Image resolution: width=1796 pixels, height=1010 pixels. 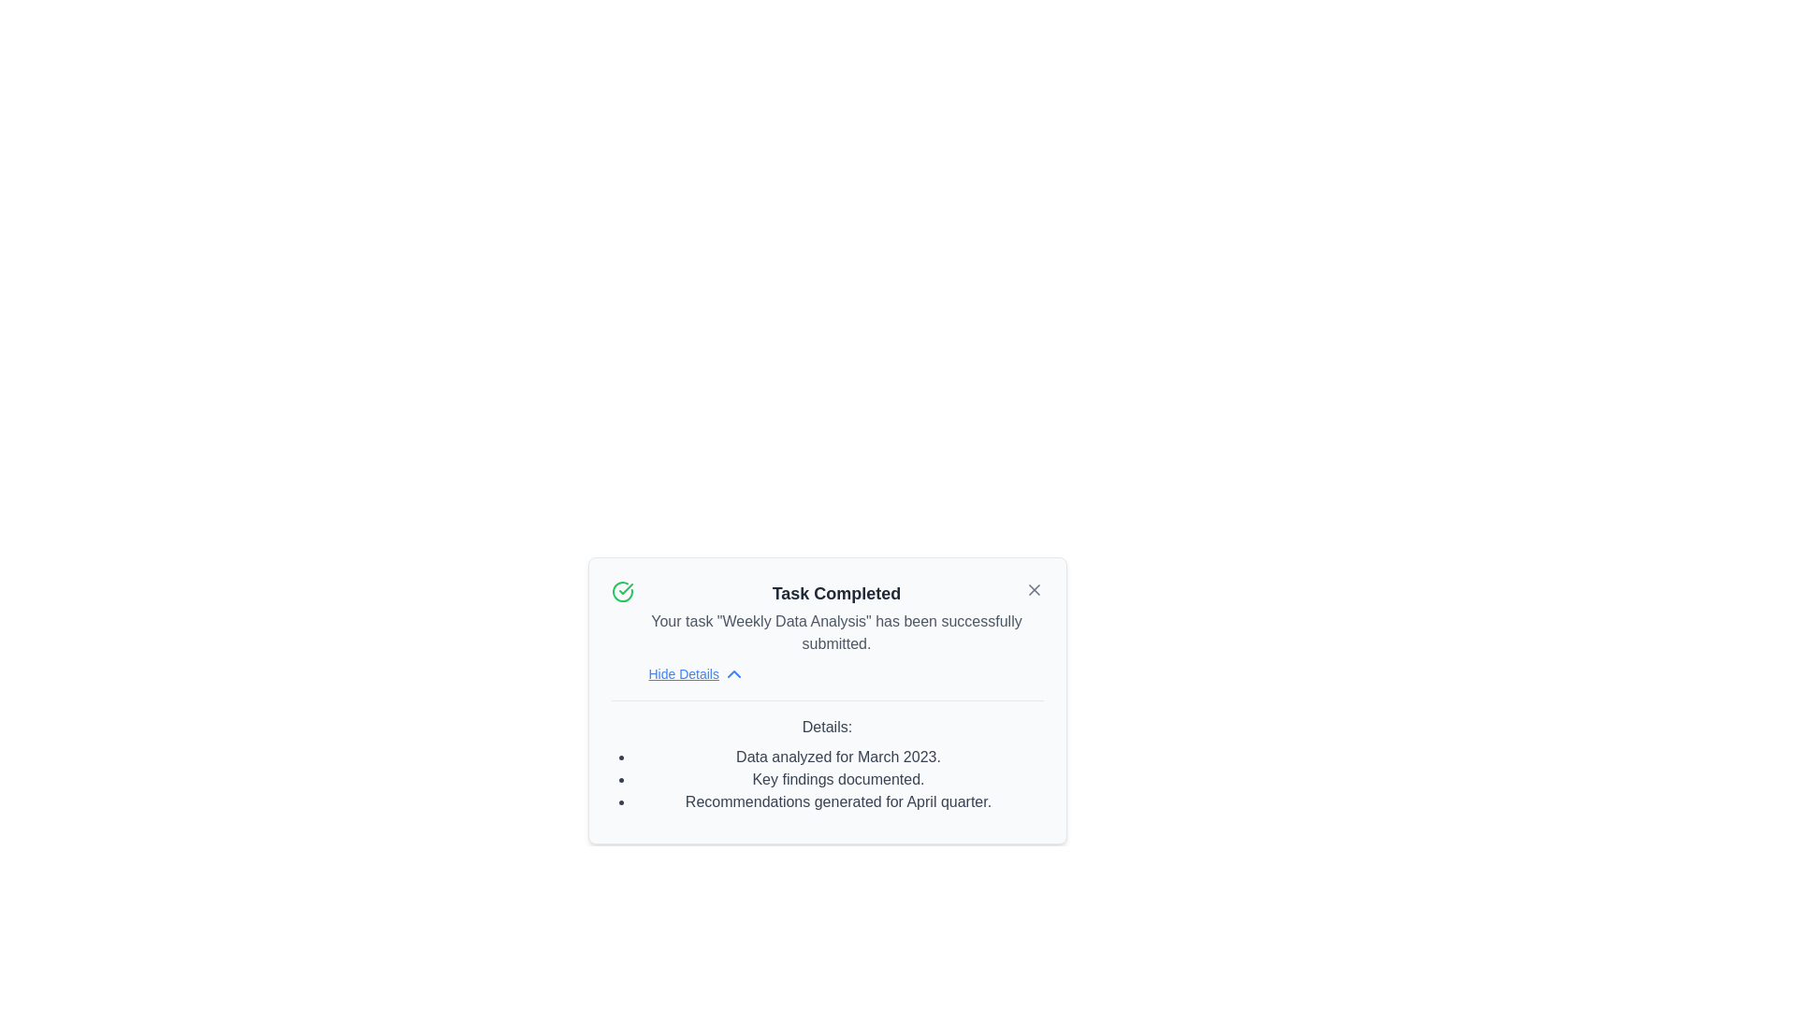 What do you see at coordinates (1033, 590) in the screenshot?
I see `the 'X' button in the top-right corner of the card to close it` at bounding box center [1033, 590].